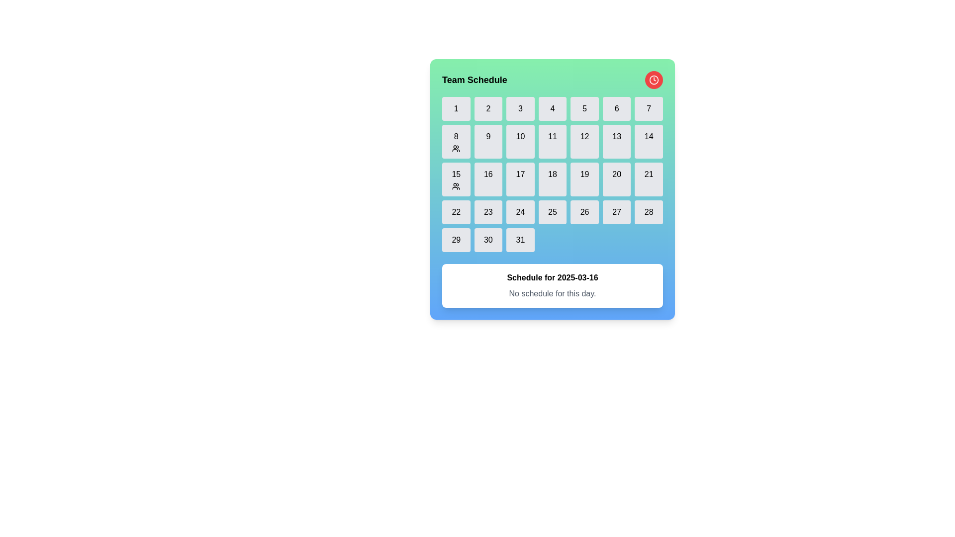 The height and width of the screenshot is (537, 955). I want to click on the 'Team Schedule' text label, which is styled in bold with a black font color and located in the top-left corner of the green gradient header, so click(474, 80).